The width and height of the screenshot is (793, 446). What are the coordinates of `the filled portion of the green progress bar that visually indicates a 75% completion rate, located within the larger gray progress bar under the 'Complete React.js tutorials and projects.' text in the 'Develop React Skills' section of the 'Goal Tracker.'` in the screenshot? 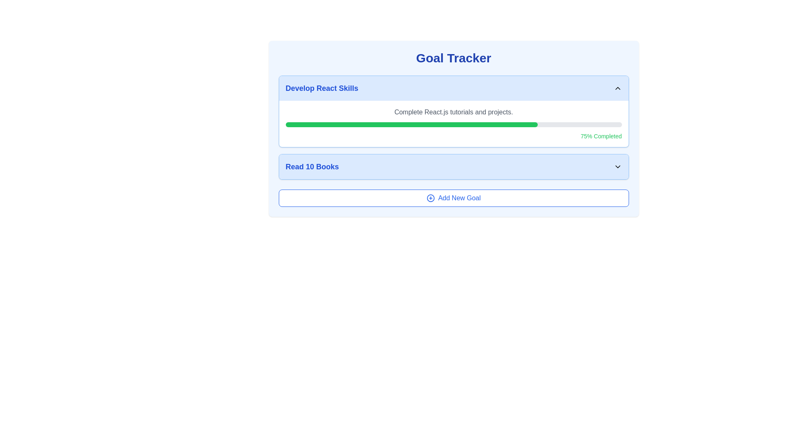 It's located at (411, 124).